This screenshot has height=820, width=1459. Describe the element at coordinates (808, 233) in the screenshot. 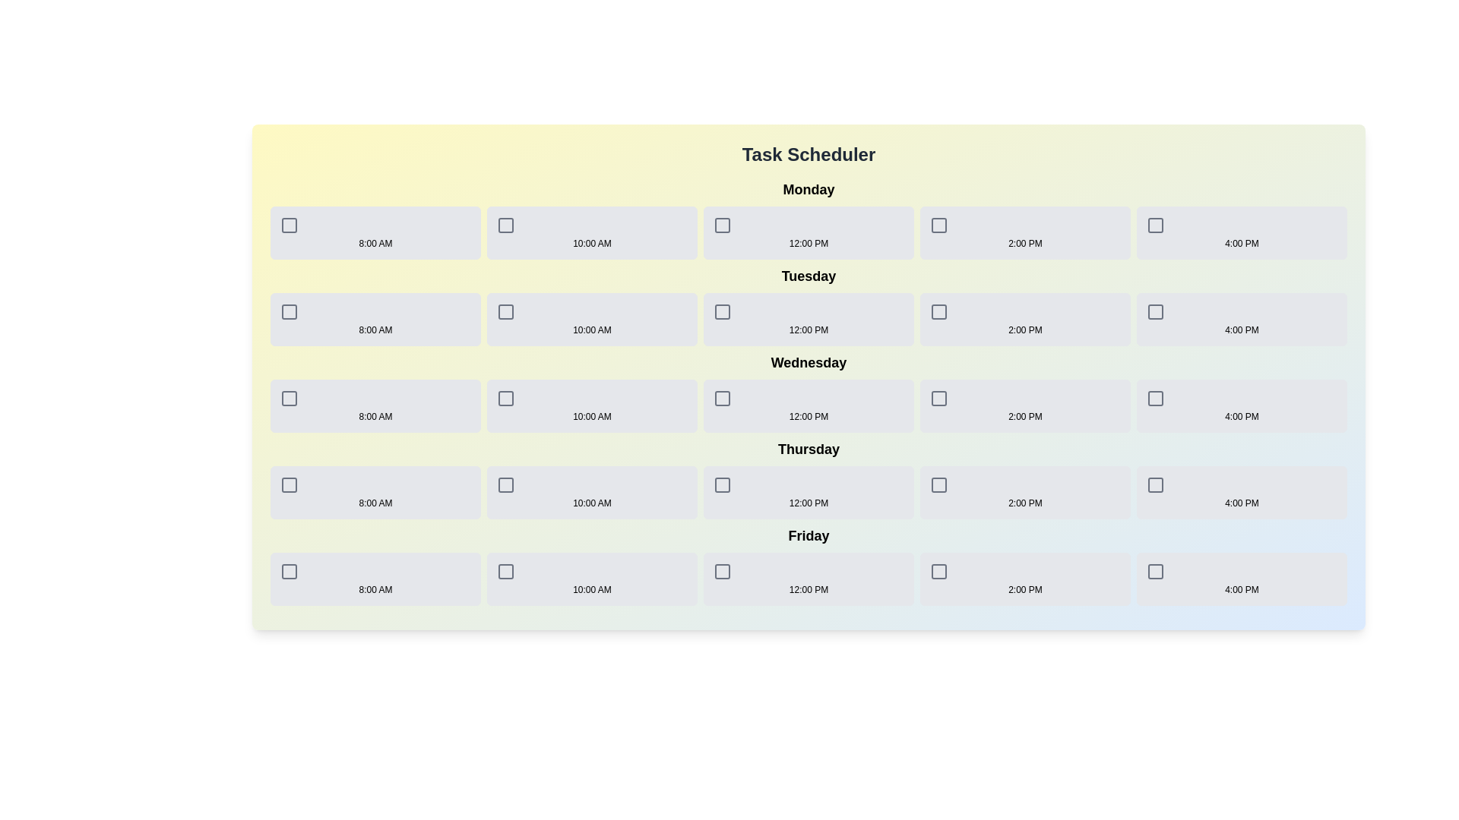

I see `the timeslot for Monday at 12:00 PM` at that location.